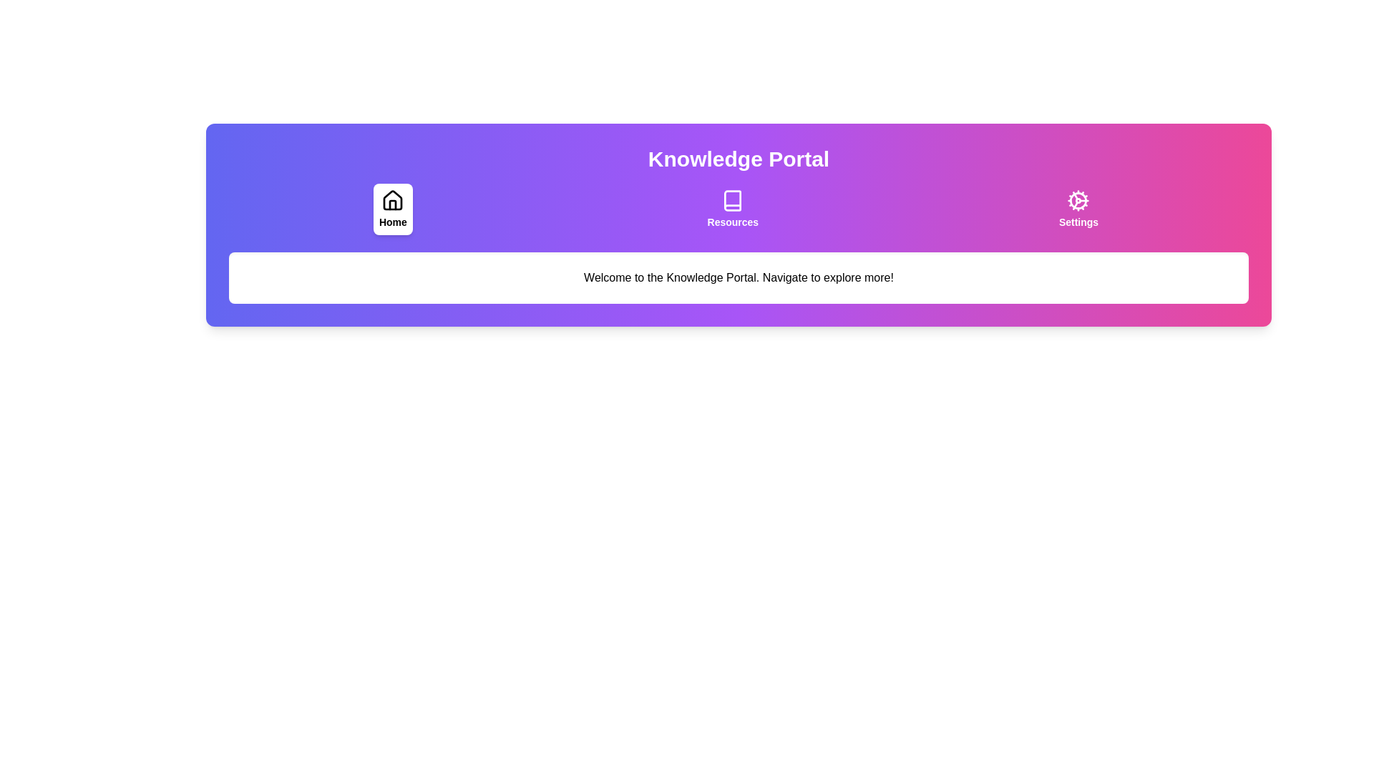 This screenshot has width=1374, height=772. Describe the element at coordinates (732, 209) in the screenshot. I see `the Resources tab` at that location.